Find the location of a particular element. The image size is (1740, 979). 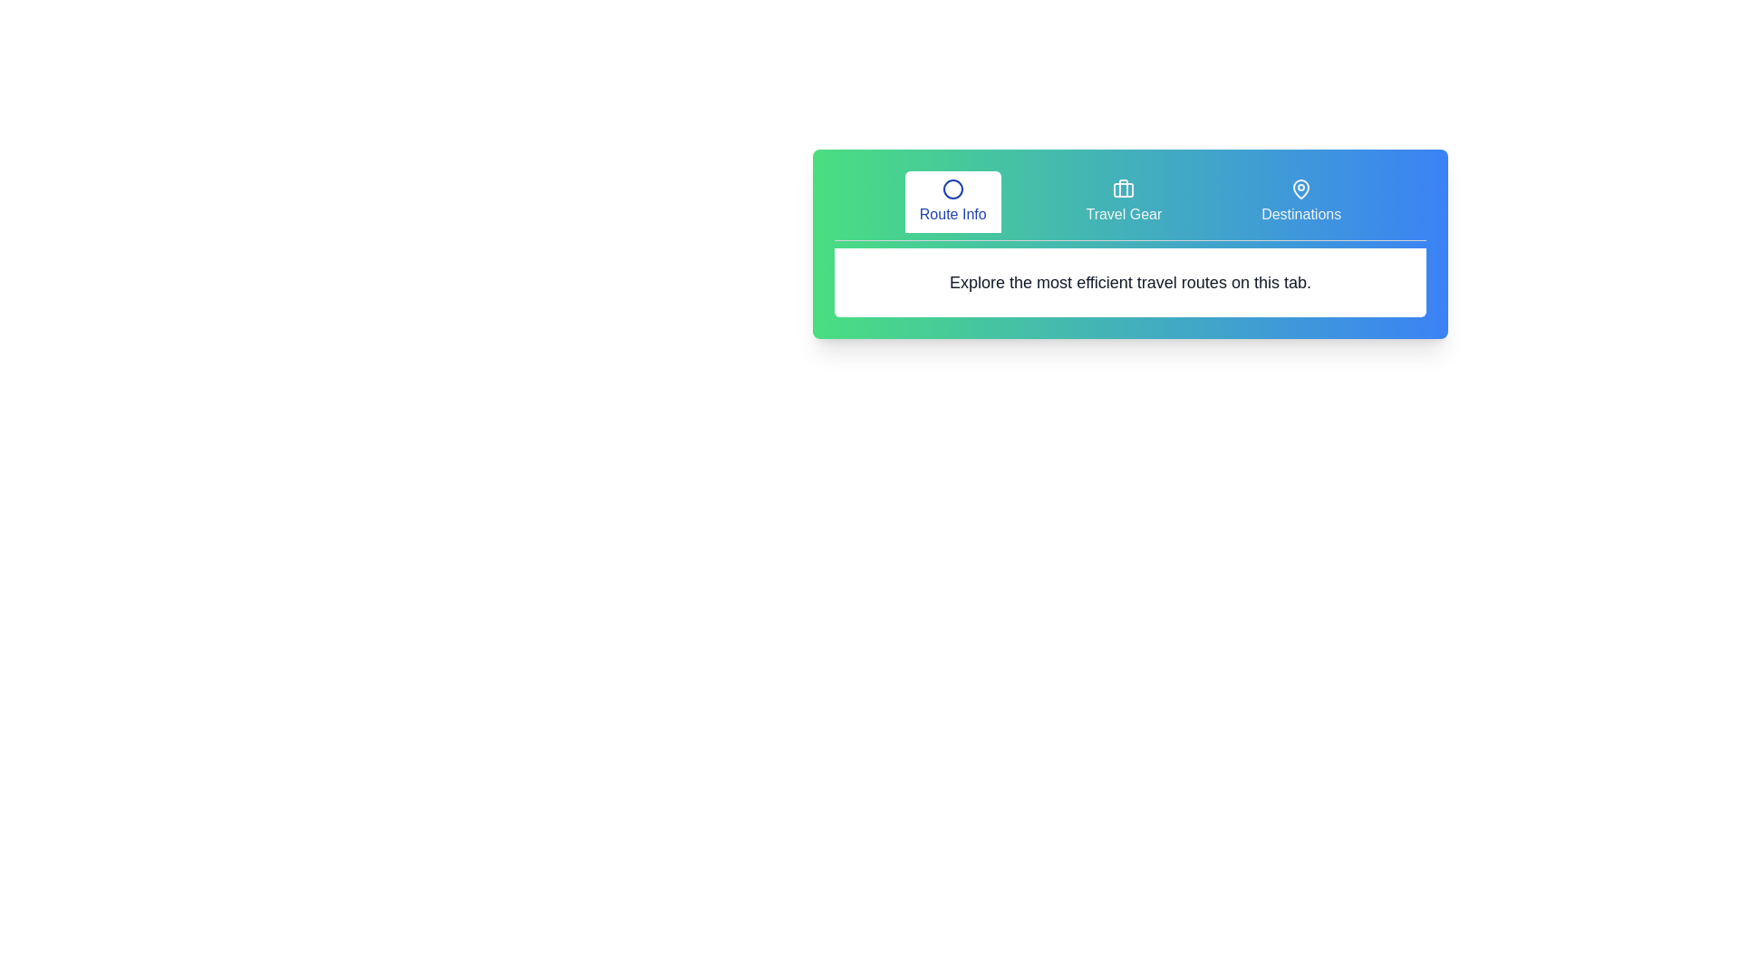

the tab labeled Route Info is located at coordinates (952, 202).